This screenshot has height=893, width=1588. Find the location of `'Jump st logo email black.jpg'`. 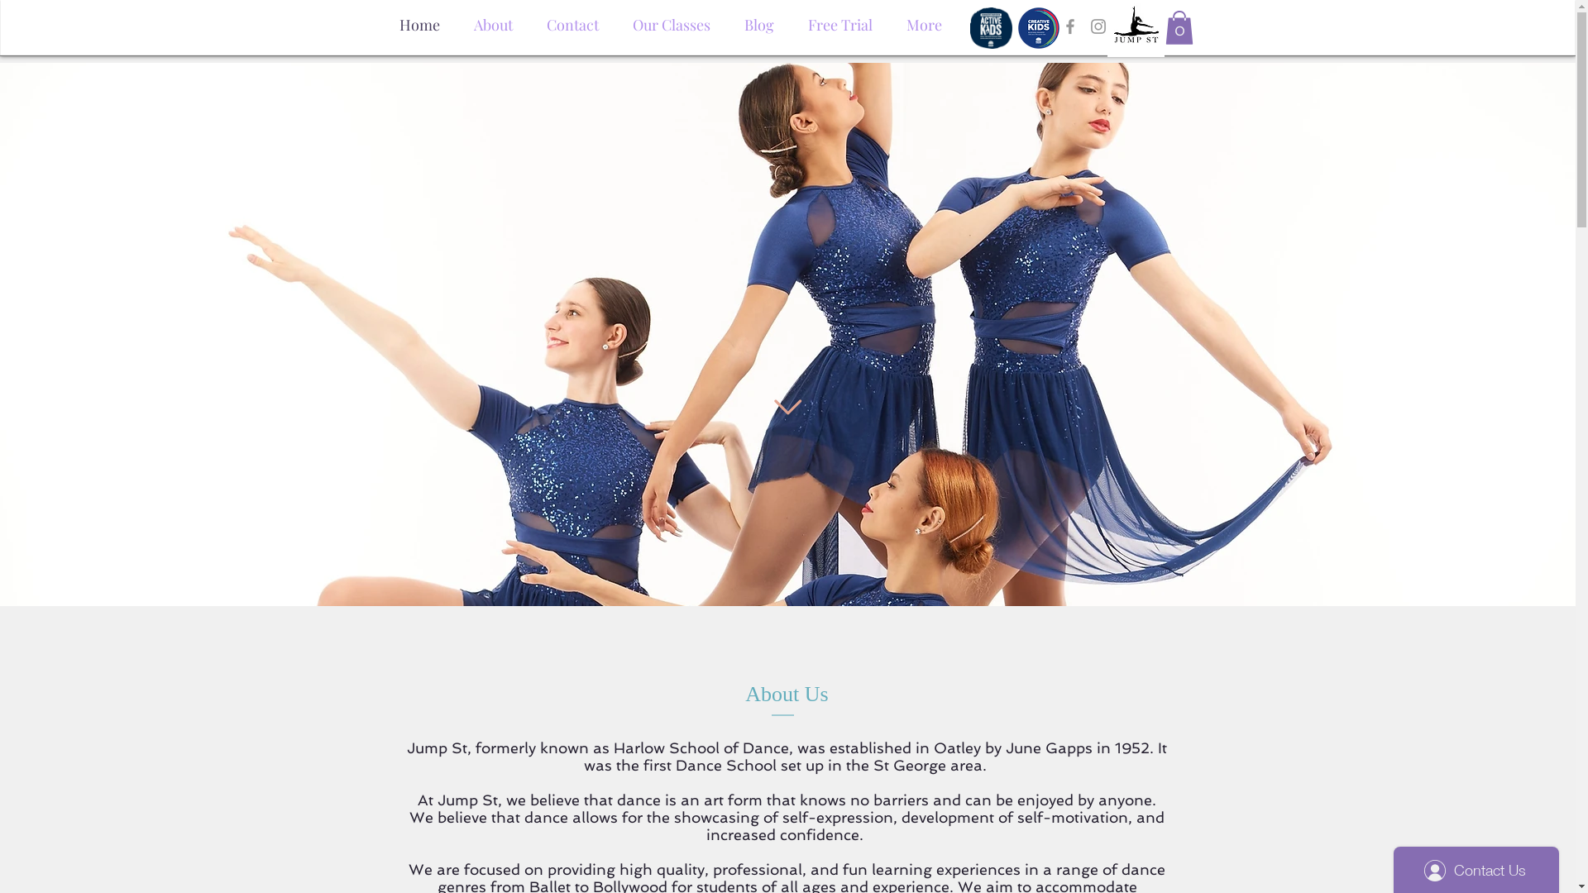

'Jump st logo email black.jpg' is located at coordinates (1134, 28).